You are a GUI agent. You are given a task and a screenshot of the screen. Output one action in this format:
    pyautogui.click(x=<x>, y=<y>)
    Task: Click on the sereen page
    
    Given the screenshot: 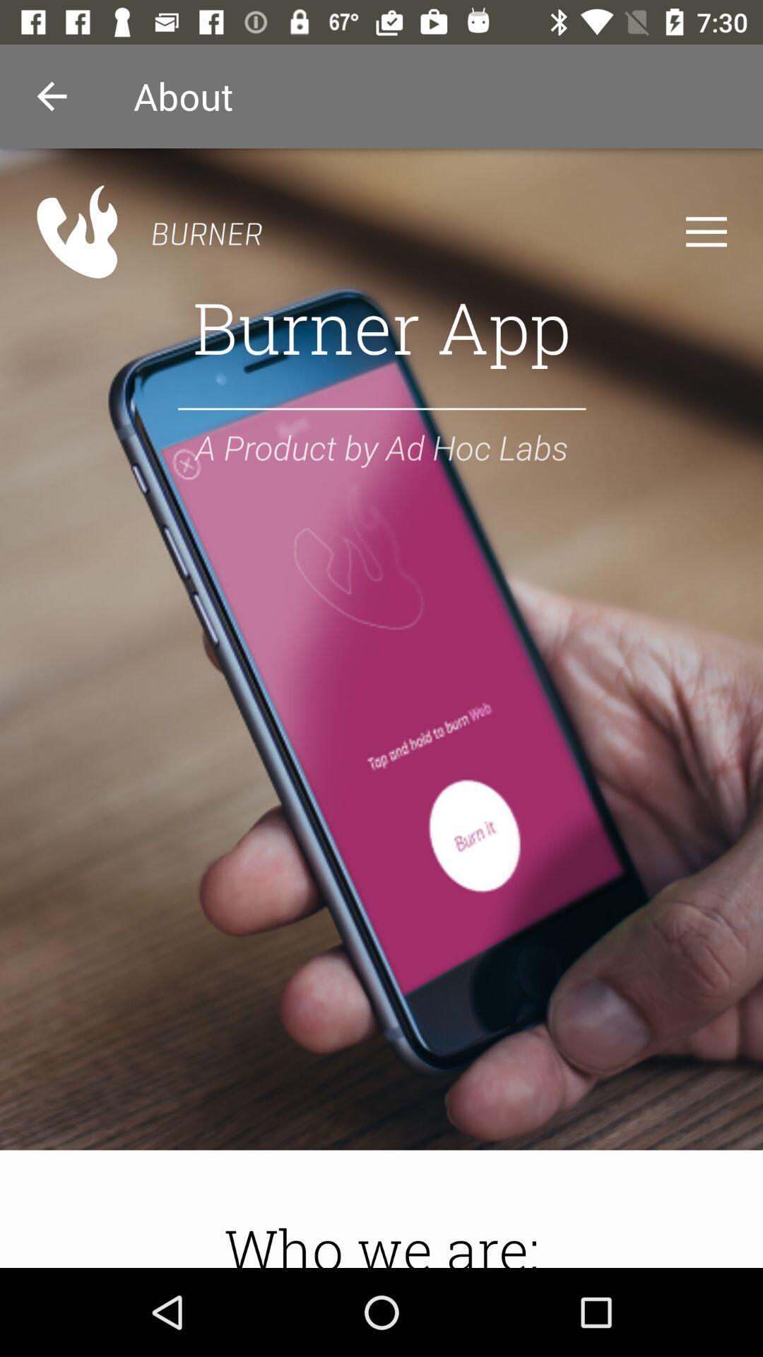 What is the action you would take?
    pyautogui.click(x=381, y=708)
    